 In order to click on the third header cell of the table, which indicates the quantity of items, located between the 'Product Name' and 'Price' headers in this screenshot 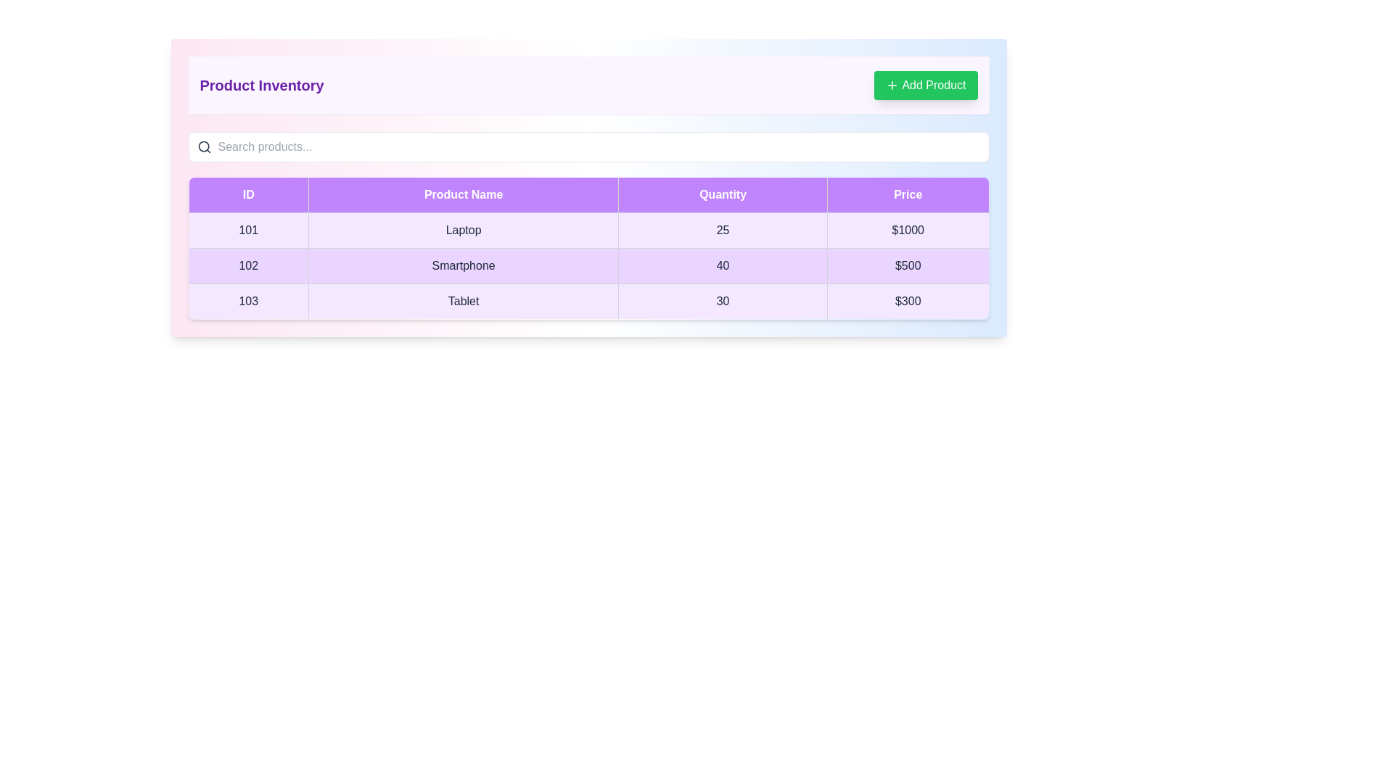, I will do `click(723, 194)`.